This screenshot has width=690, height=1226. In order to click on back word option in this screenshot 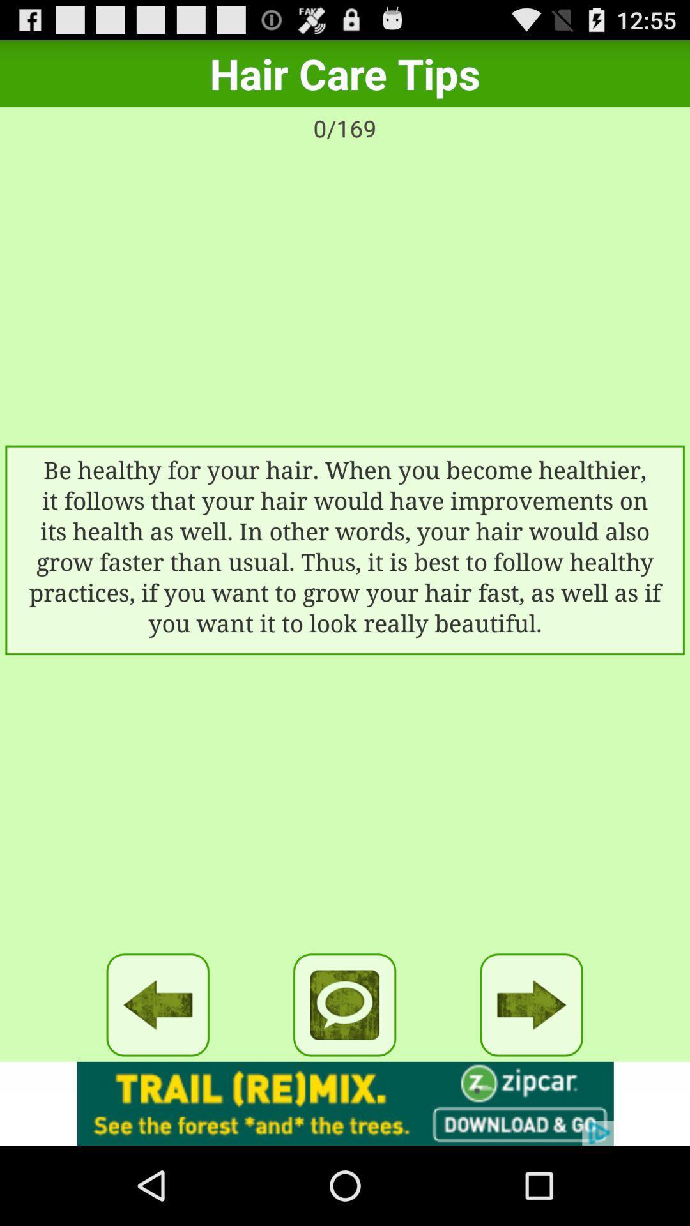, I will do `click(157, 1004)`.